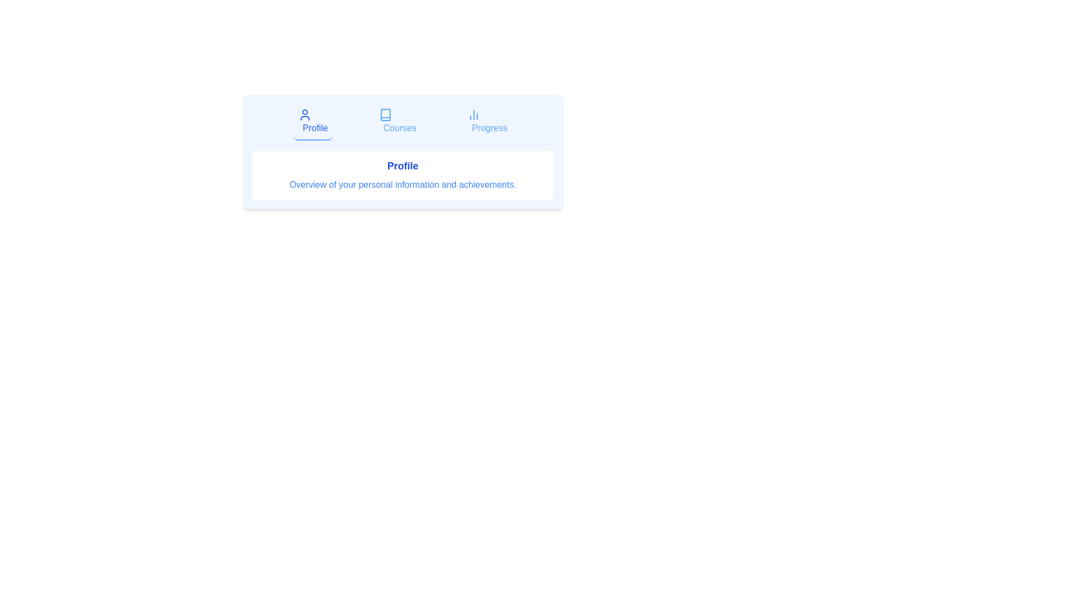 Image resolution: width=1067 pixels, height=600 pixels. Describe the element at coordinates (312, 122) in the screenshot. I see `the tab labeled Profile to switch to that tab` at that location.